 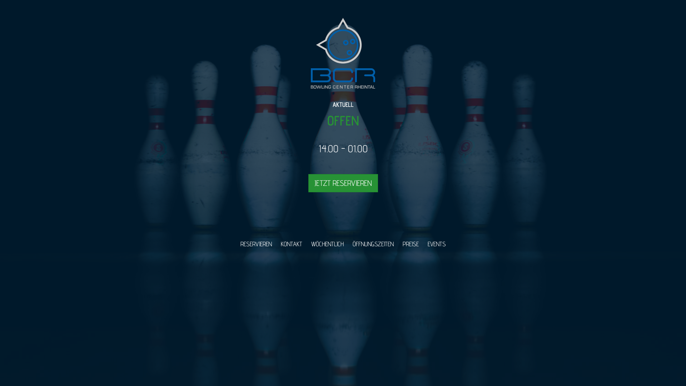 I want to click on 'PREISE', so click(x=398, y=243).